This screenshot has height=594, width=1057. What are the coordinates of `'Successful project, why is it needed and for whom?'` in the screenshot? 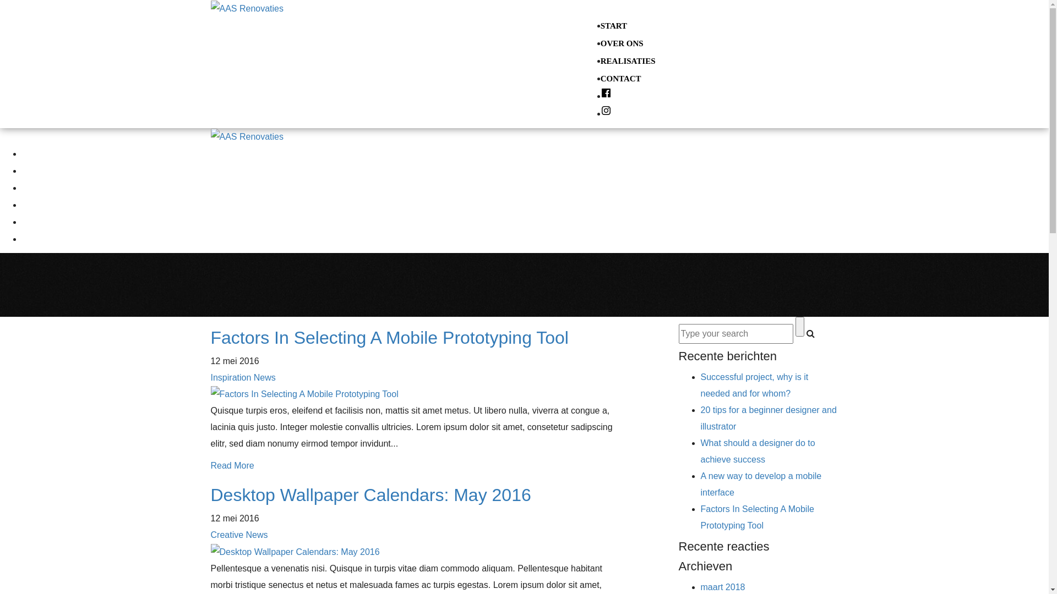 It's located at (700, 384).